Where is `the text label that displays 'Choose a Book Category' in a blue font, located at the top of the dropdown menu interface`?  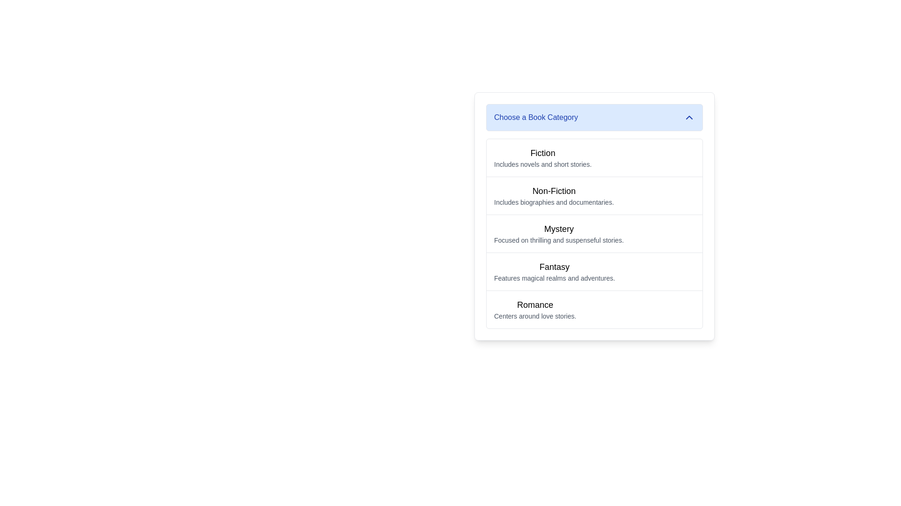 the text label that displays 'Choose a Book Category' in a blue font, located at the top of the dropdown menu interface is located at coordinates (536, 117).